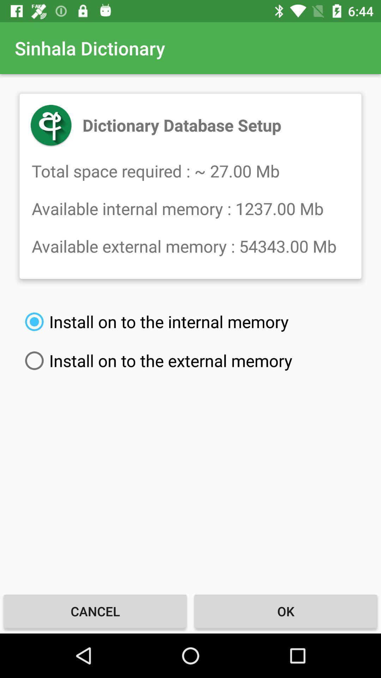 This screenshot has width=381, height=678. What do you see at coordinates (286, 611) in the screenshot?
I see `the icon next to cancel item` at bounding box center [286, 611].